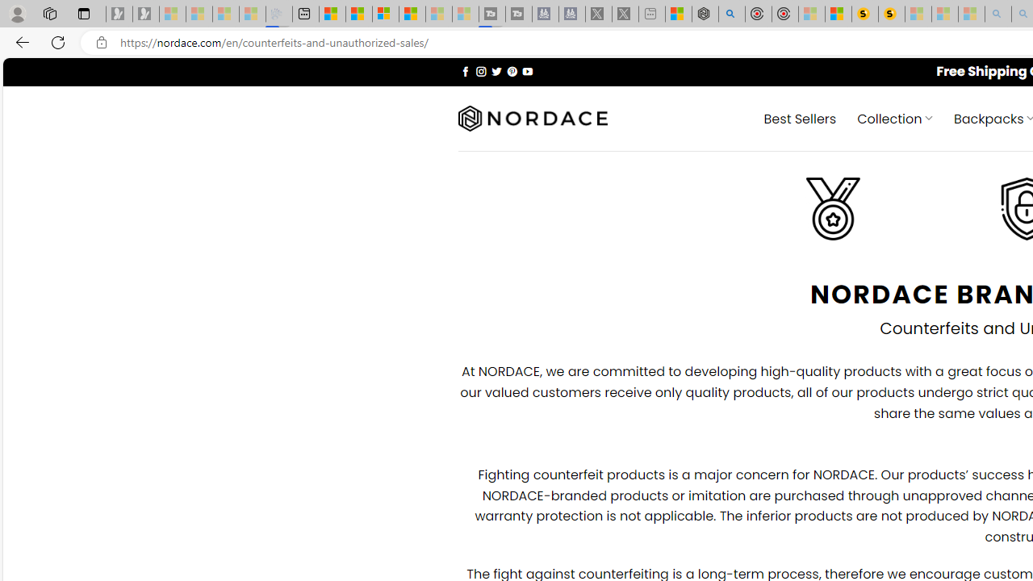  What do you see at coordinates (800, 117) in the screenshot?
I see `'  Best Sellers'` at bounding box center [800, 117].